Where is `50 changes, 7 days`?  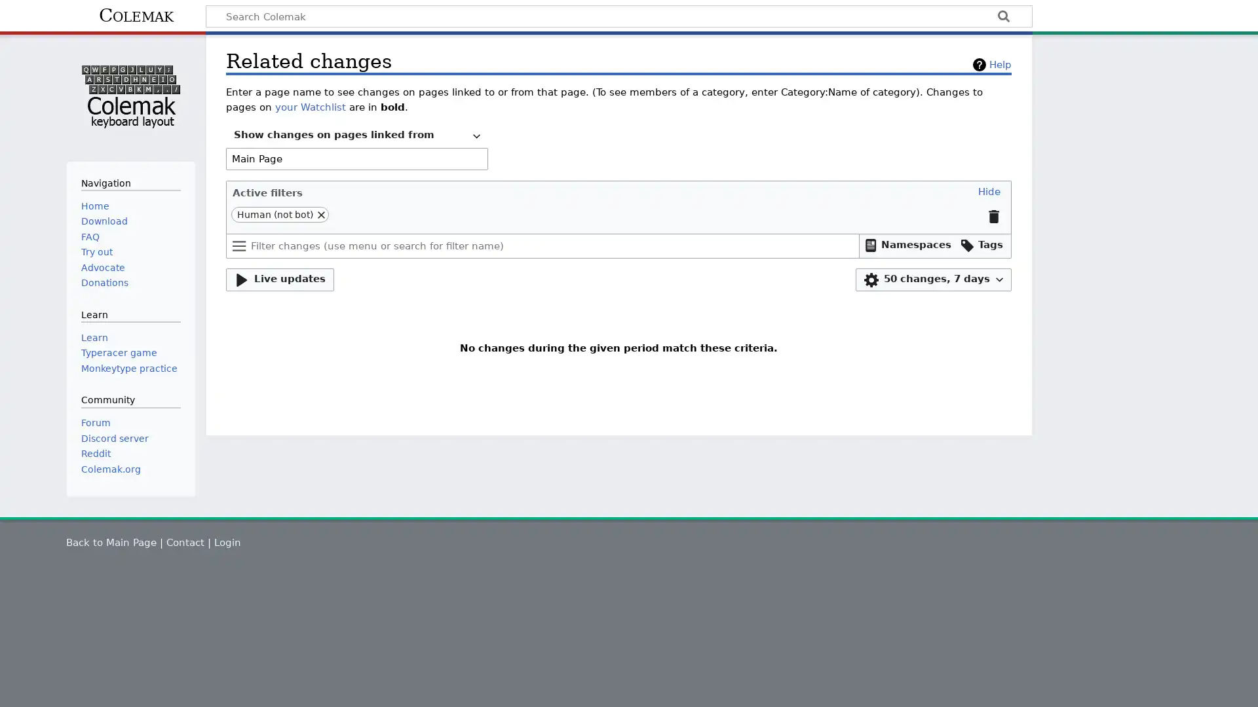
50 changes, 7 days is located at coordinates (933, 279).